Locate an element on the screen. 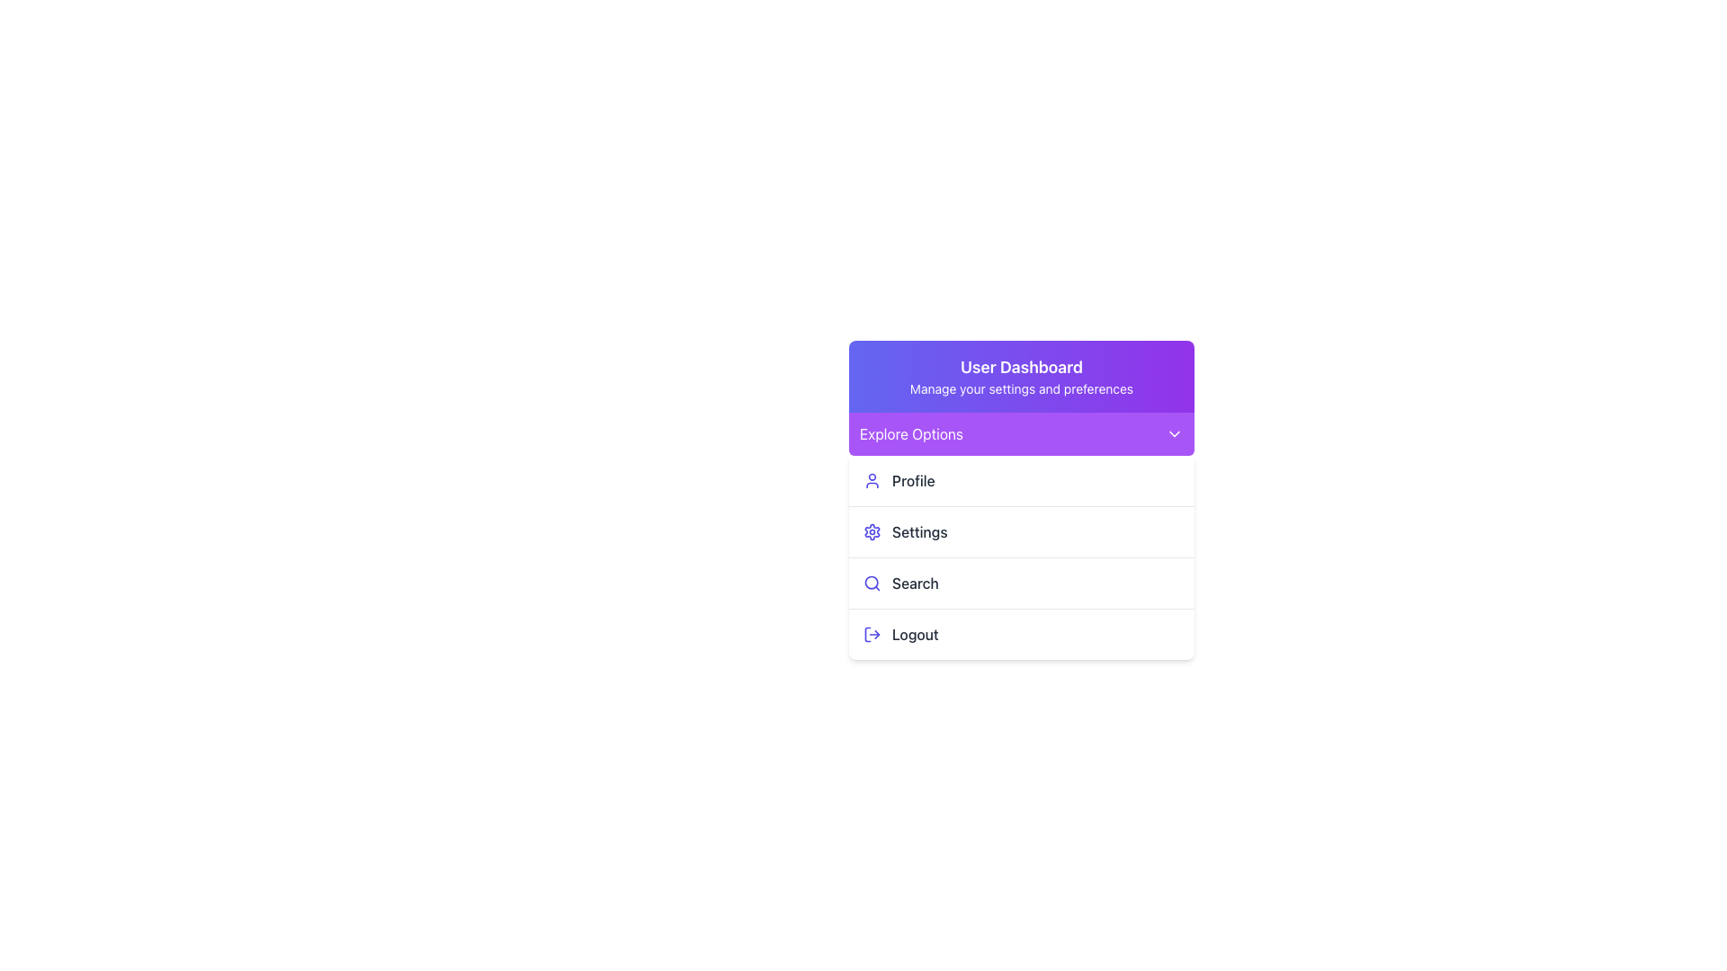 This screenshot has height=971, width=1727. the prominently styled text label reading 'User Dashboard', which is centered at the top section of the interface and distinct with a larger font size and bold typeface is located at coordinates (1022, 366).